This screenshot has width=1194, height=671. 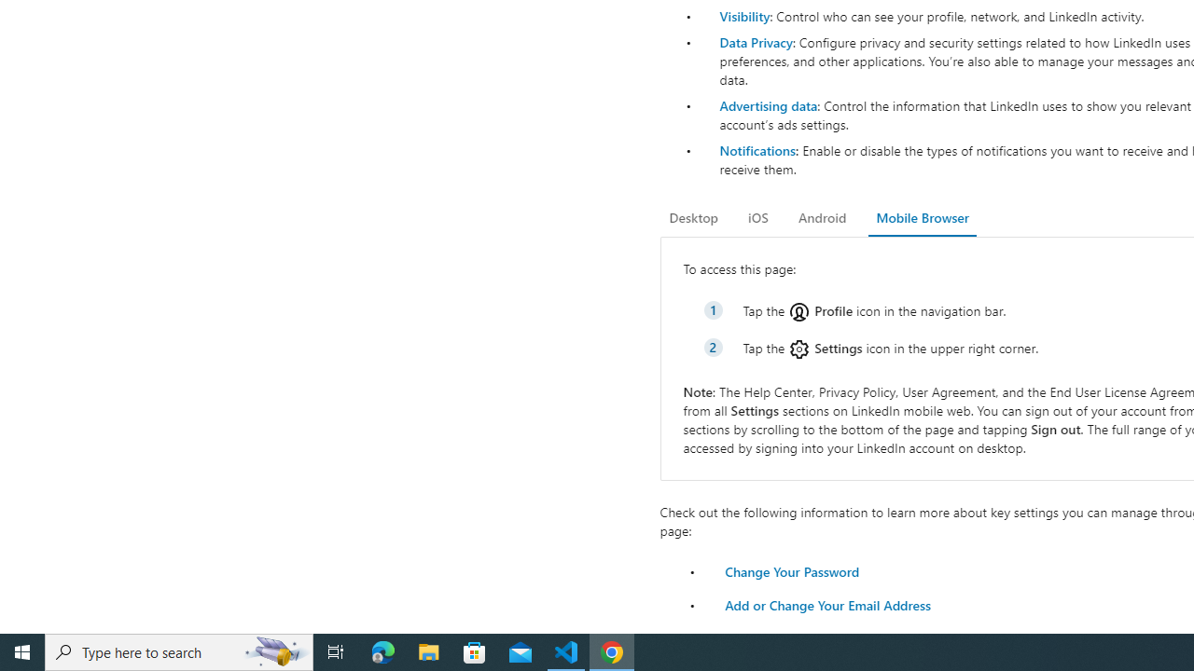 What do you see at coordinates (757, 149) in the screenshot?
I see `'Notifications'` at bounding box center [757, 149].